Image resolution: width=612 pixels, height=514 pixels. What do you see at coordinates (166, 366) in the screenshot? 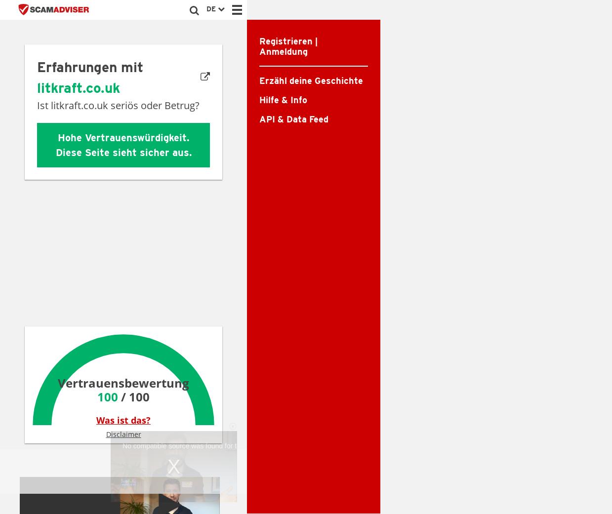
I see `'Deutsch lernen mit SPRAKUKO - Deuts...'` at bounding box center [166, 366].